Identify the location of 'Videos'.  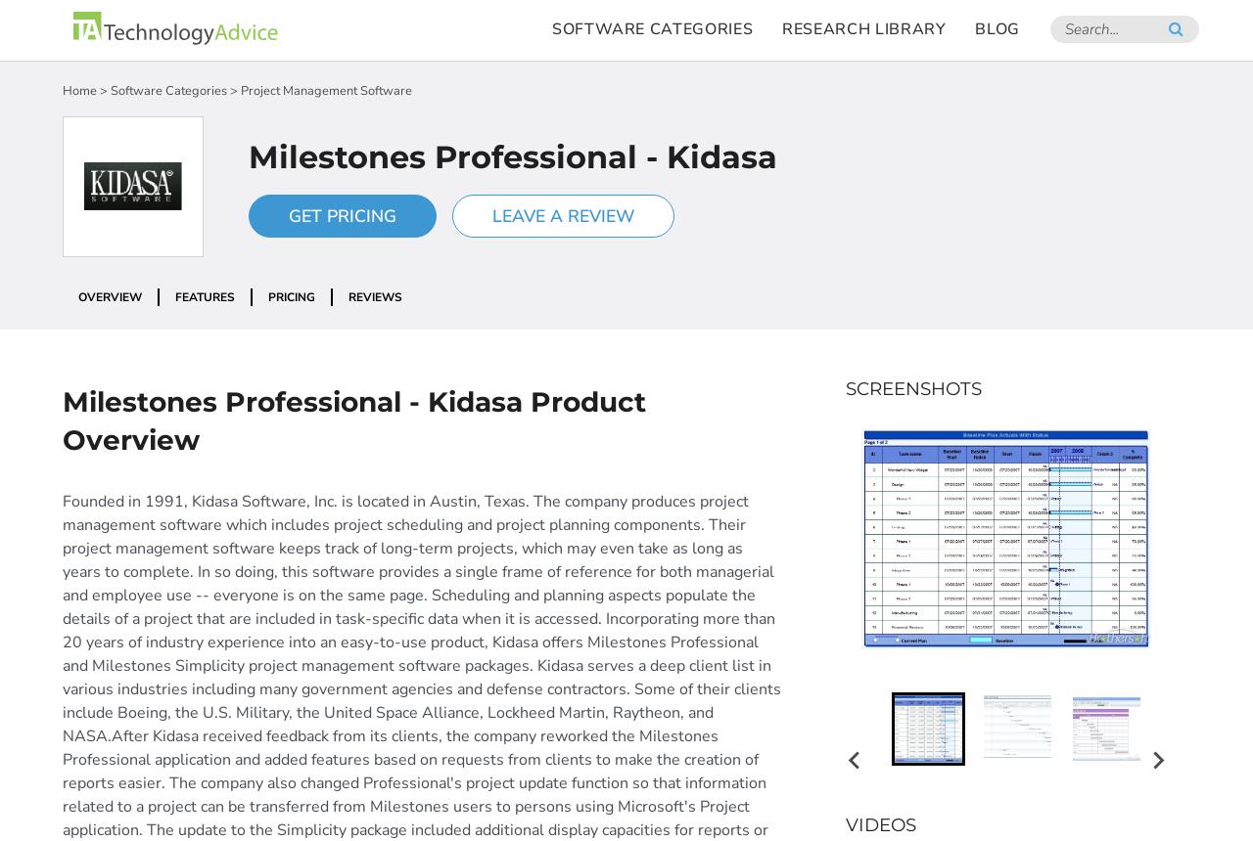
(879, 823).